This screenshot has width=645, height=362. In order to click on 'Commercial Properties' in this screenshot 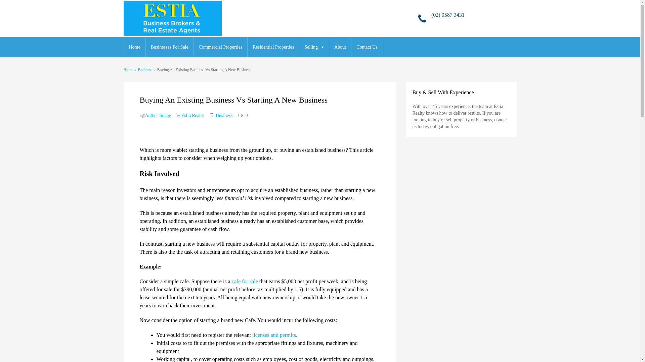, I will do `click(193, 47)`.